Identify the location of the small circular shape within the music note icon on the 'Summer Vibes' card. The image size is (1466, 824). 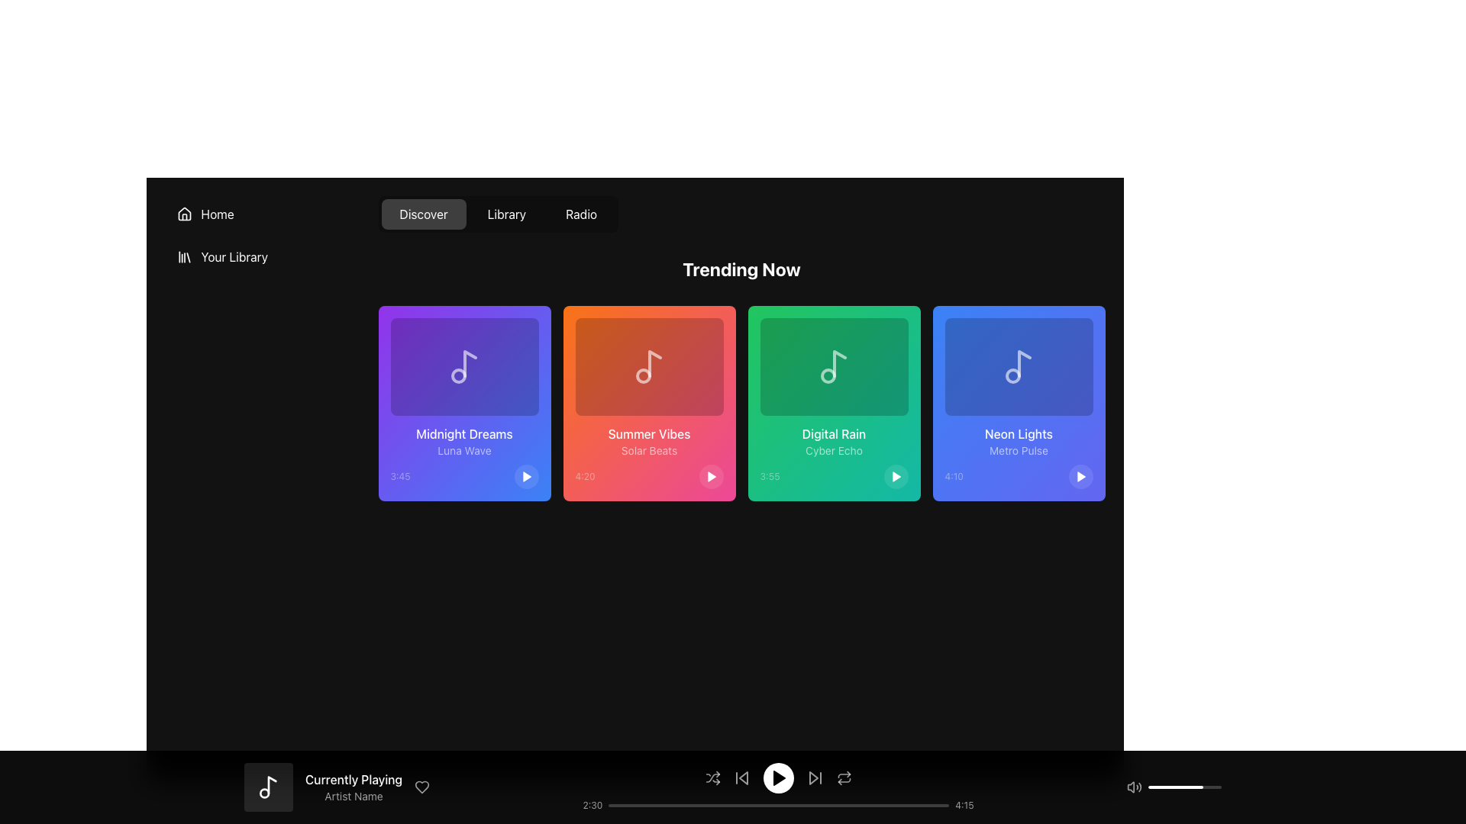
(643, 376).